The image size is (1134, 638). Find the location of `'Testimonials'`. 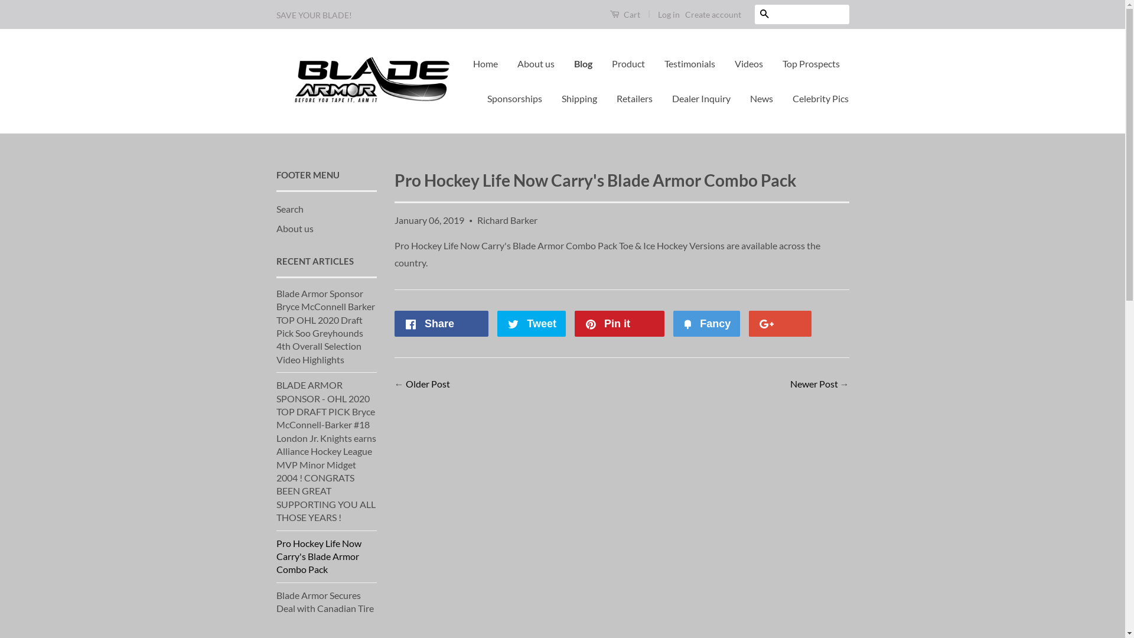

'Testimonials' is located at coordinates (689, 64).